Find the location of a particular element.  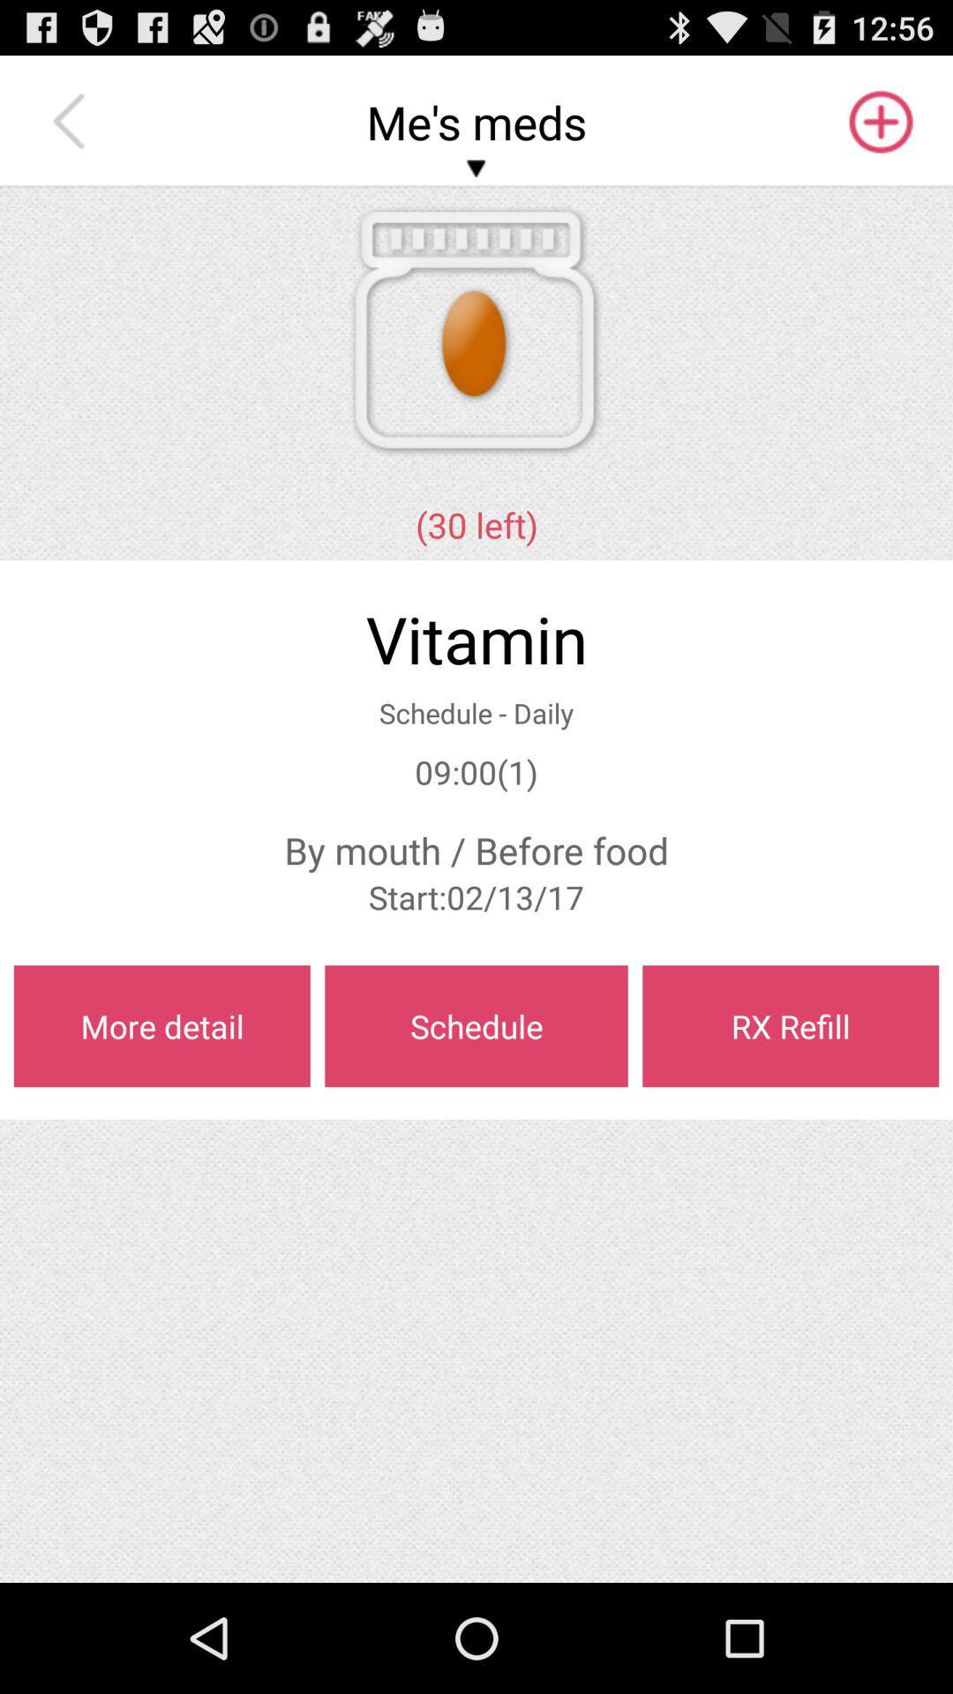

the button to the left of the schedule button is located at coordinates (161, 1026).